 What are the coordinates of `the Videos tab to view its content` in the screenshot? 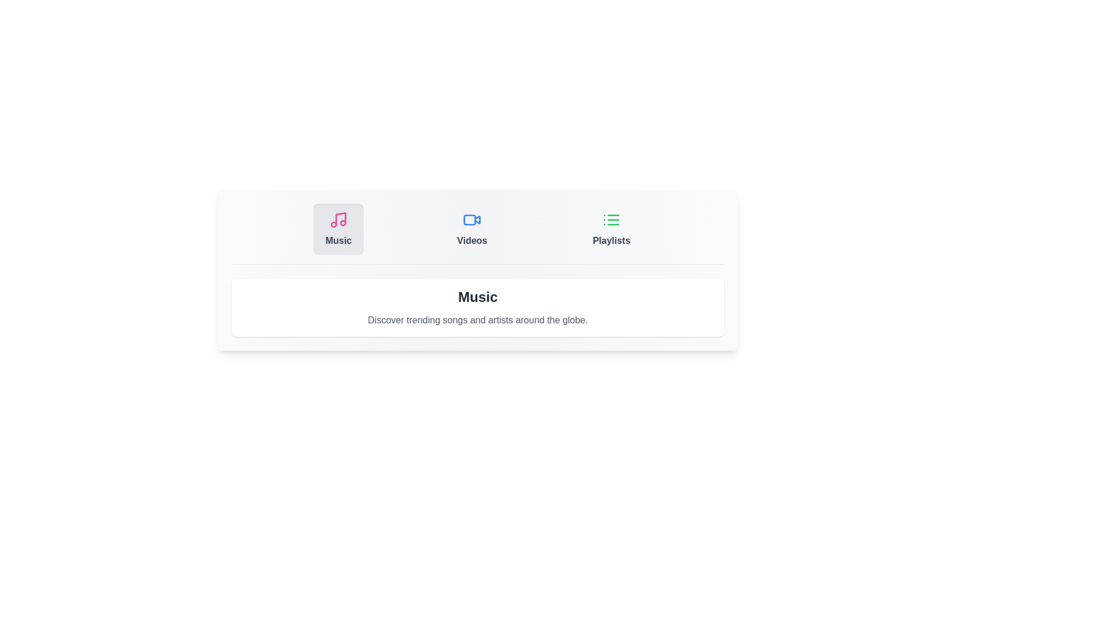 It's located at (472, 229).